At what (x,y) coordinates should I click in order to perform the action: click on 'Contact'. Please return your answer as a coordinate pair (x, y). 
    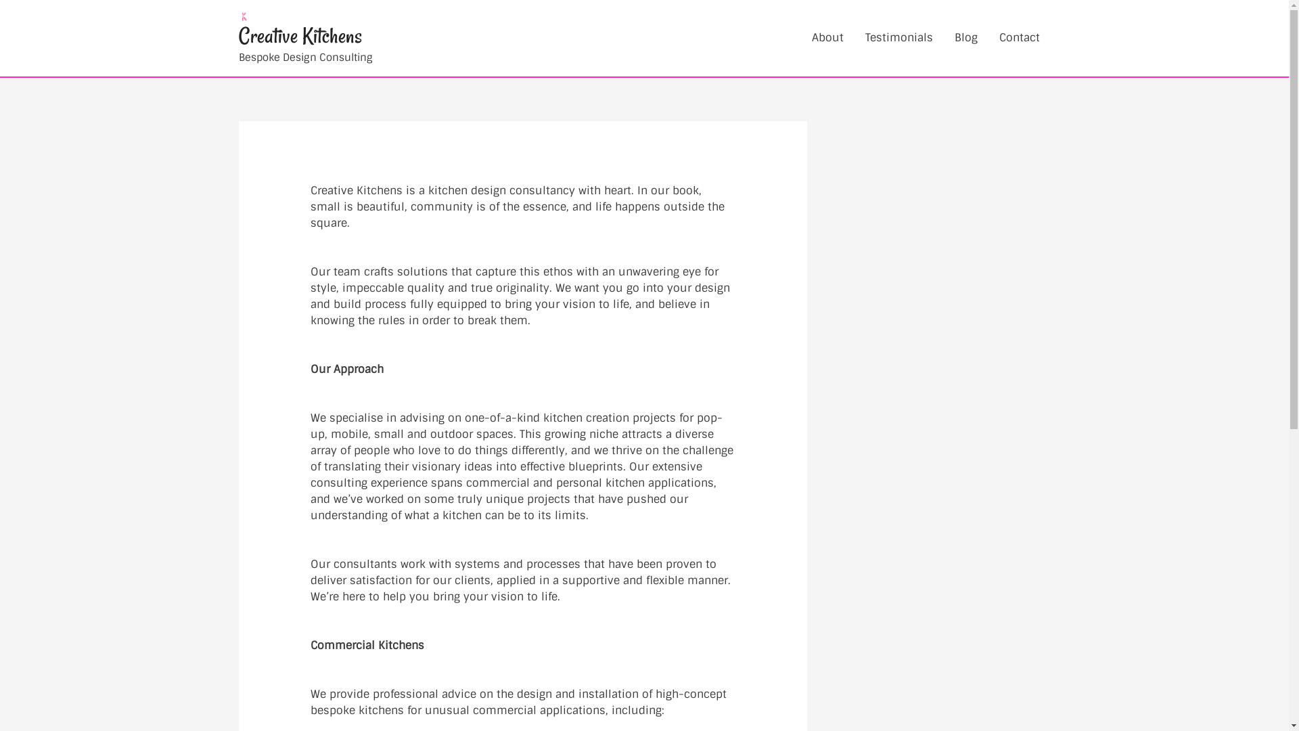
    Looking at the image, I should click on (987, 37).